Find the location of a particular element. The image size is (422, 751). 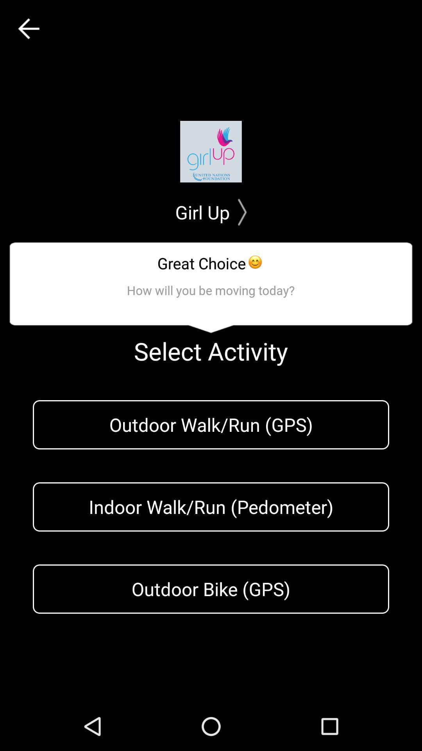

girl up item is located at coordinates (211, 212).